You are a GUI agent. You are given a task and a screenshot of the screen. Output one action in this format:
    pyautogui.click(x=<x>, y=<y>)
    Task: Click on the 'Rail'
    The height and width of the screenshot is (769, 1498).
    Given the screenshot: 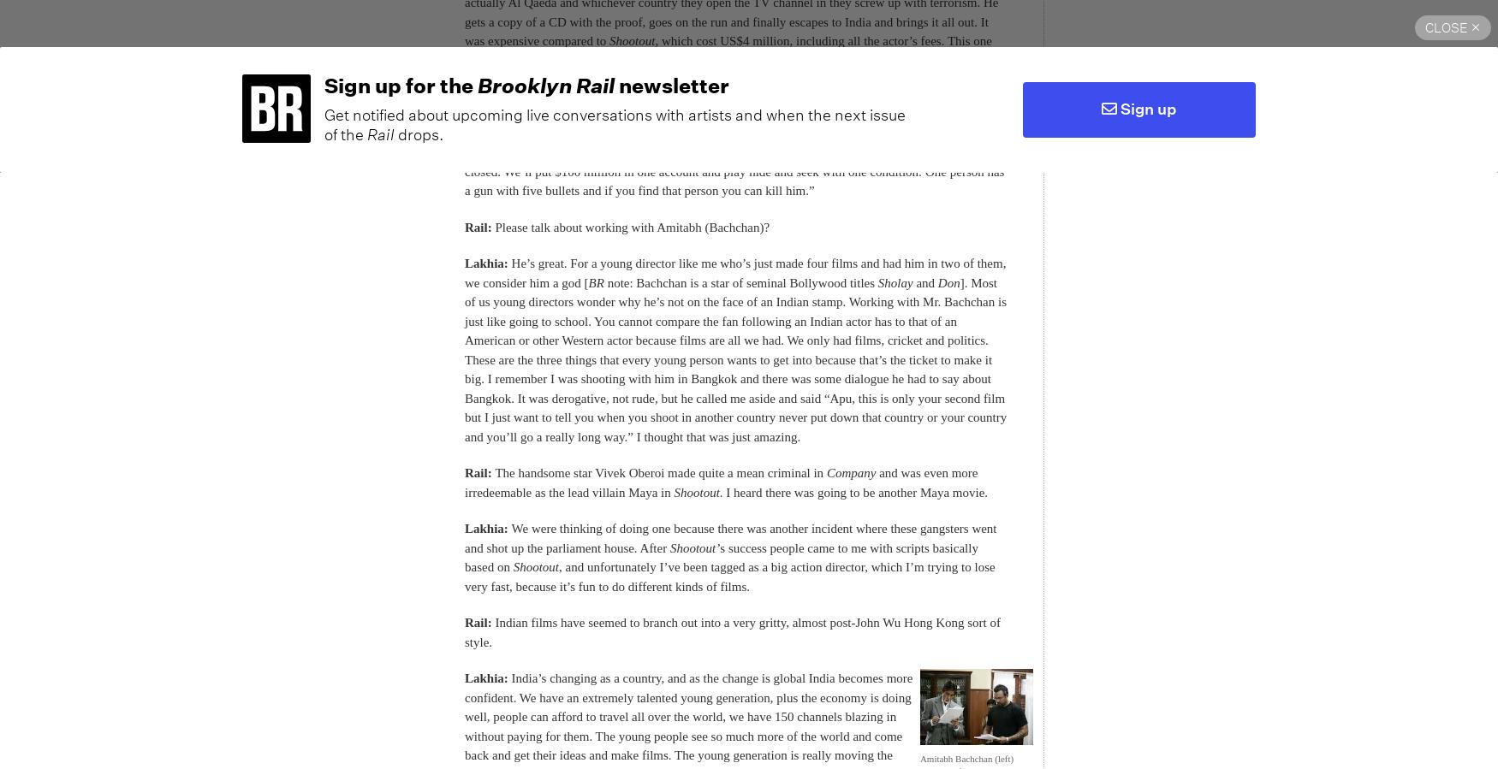 What is the action you would take?
    pyautogui.click(x=381, y=134)
    